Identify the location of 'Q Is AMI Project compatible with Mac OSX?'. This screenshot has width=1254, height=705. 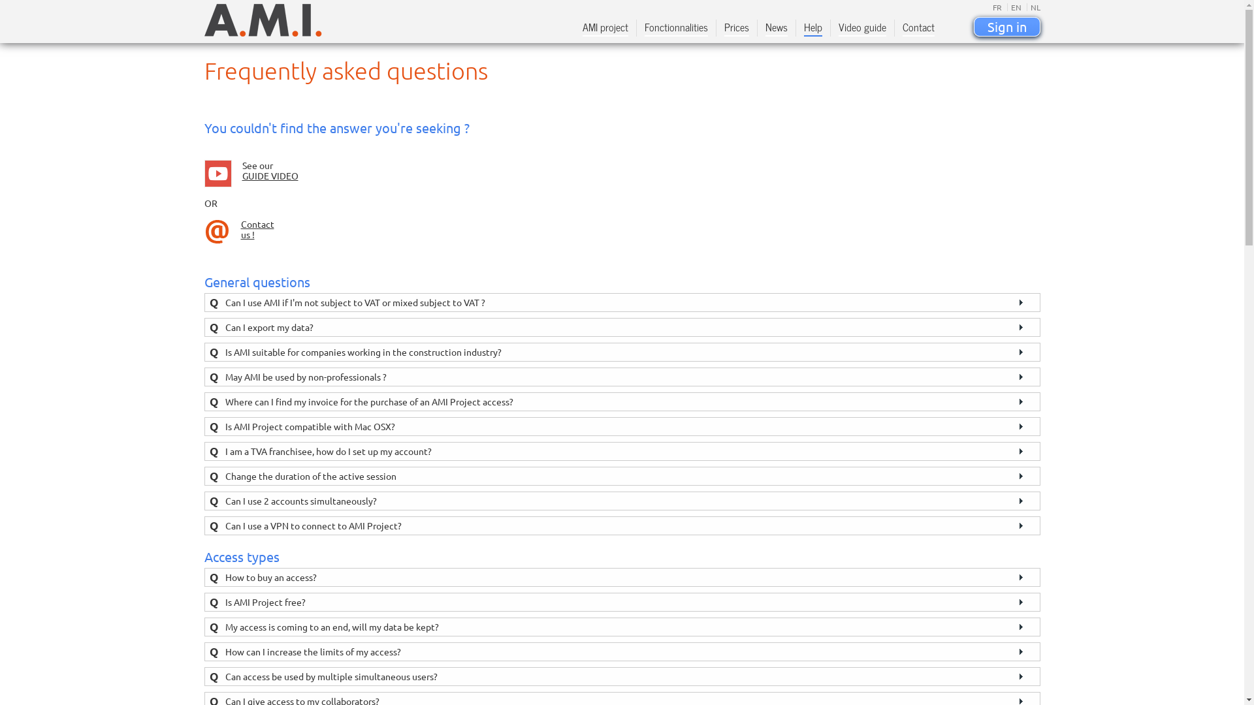
(620, 426).